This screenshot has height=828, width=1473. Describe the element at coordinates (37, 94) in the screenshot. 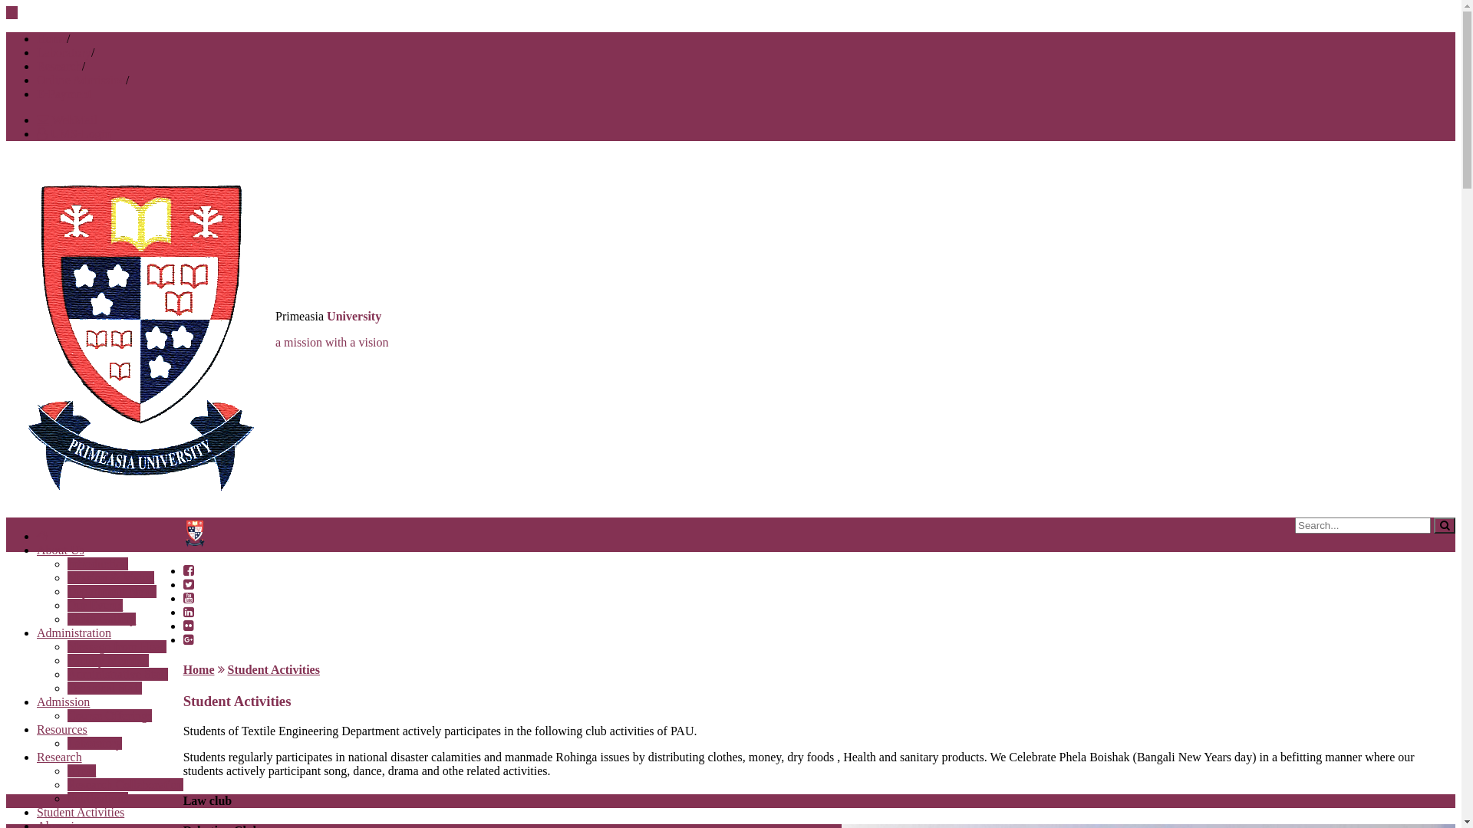

I see `'E-Payment'` at that location.